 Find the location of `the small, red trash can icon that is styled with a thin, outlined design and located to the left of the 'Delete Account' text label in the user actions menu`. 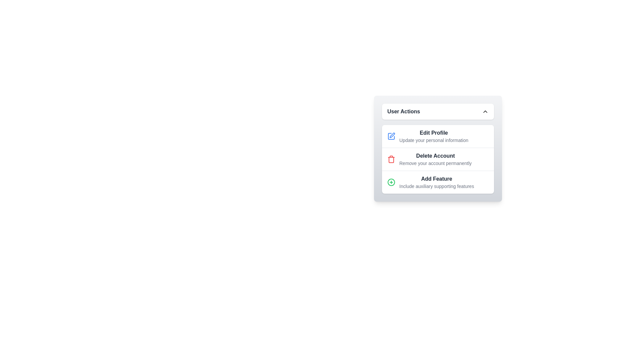

the small, red trash can icon that is styled with a thin, outlined design and located to the left of the 'Delete Account' text label in the user actions menu is located at coordinates (391, 159).